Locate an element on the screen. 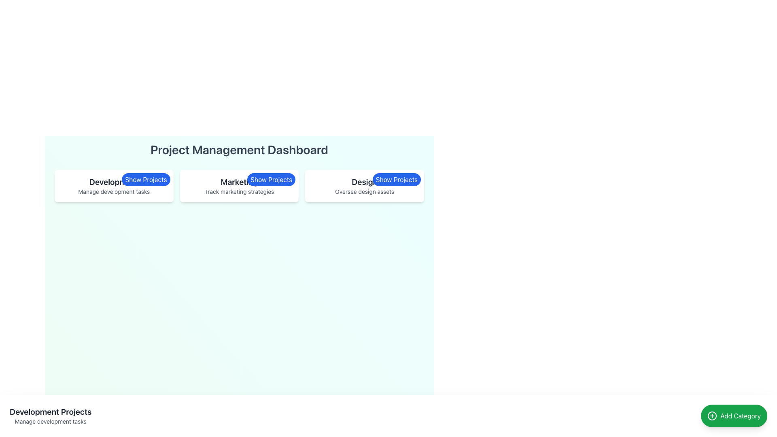 Image resolution: width=777 pixels, height=437 pixels. the text label reading 'Manage development tasks' which is styled in a smaller, lighter gray font and located beneath the 'Development Projects' heading is located at coordinates (50, 421).